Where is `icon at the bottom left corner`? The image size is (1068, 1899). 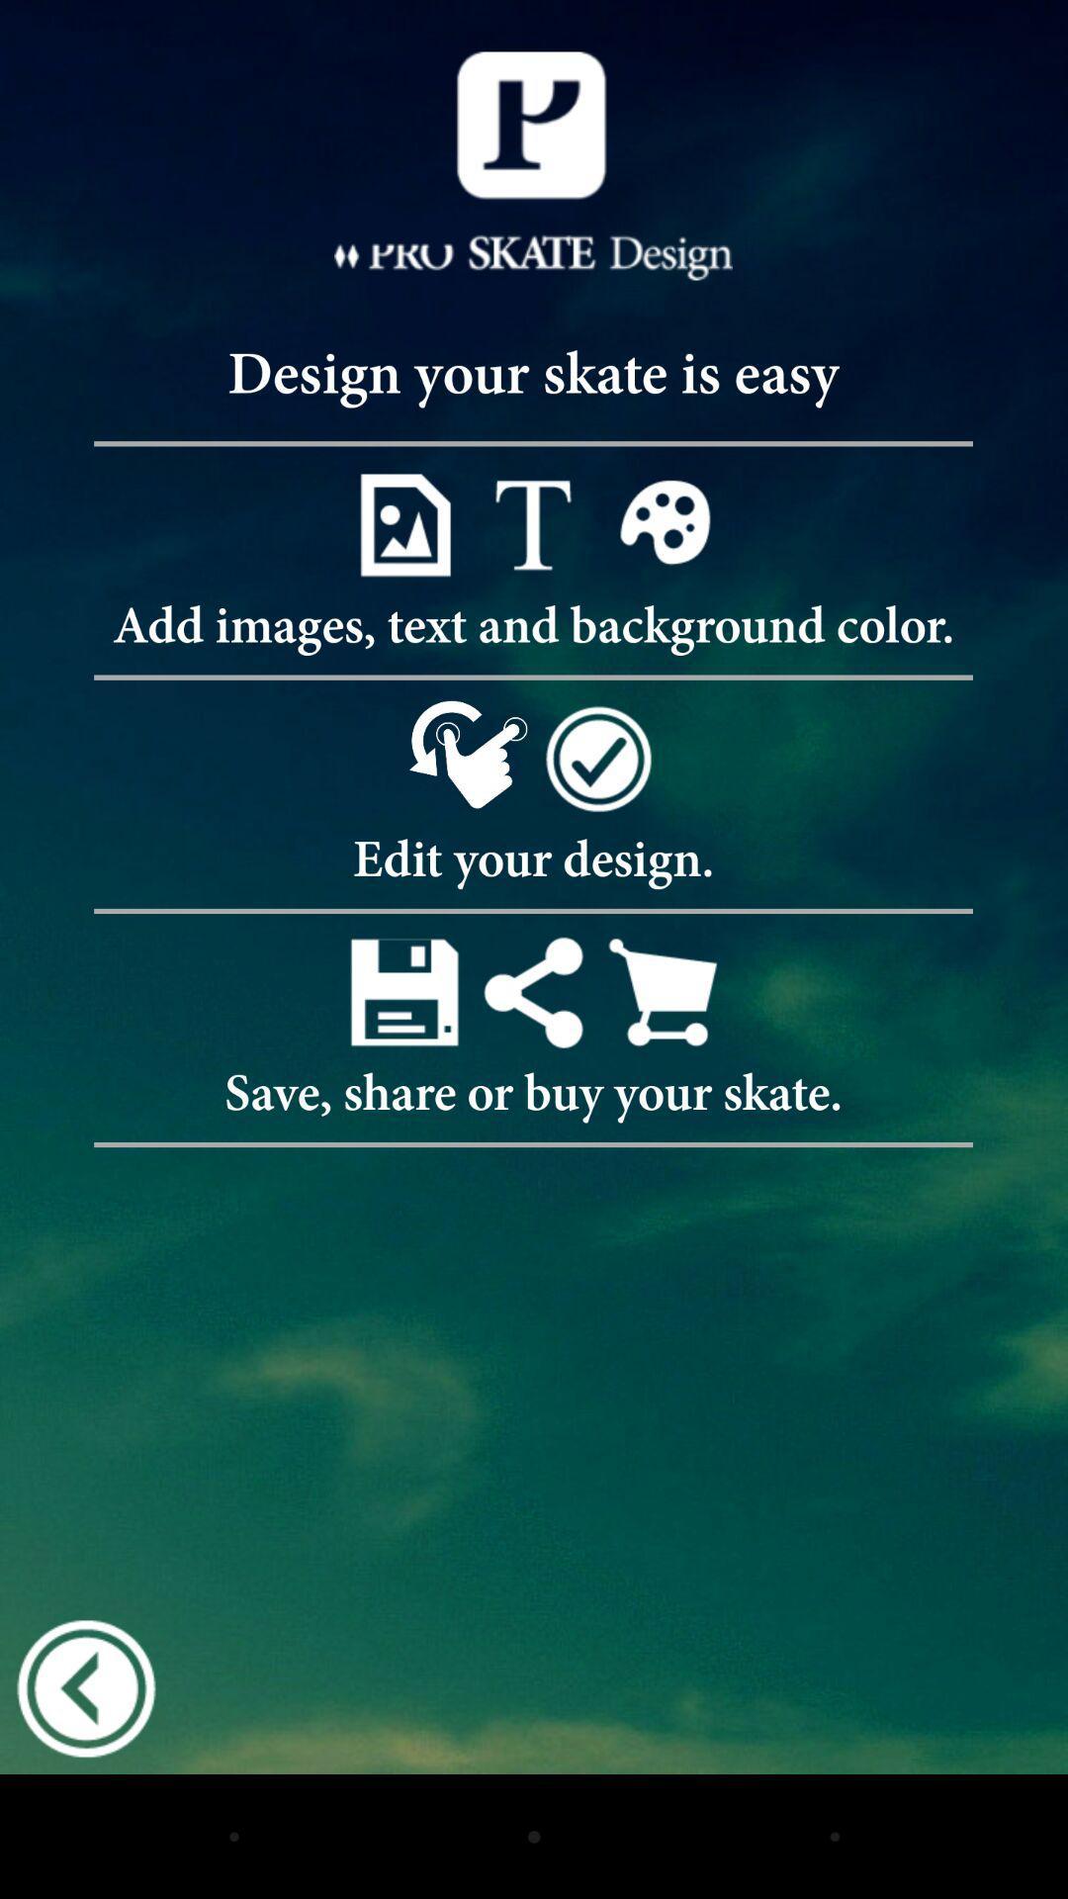 icon at the bottom left corner is located at coordinates (85, 1686).